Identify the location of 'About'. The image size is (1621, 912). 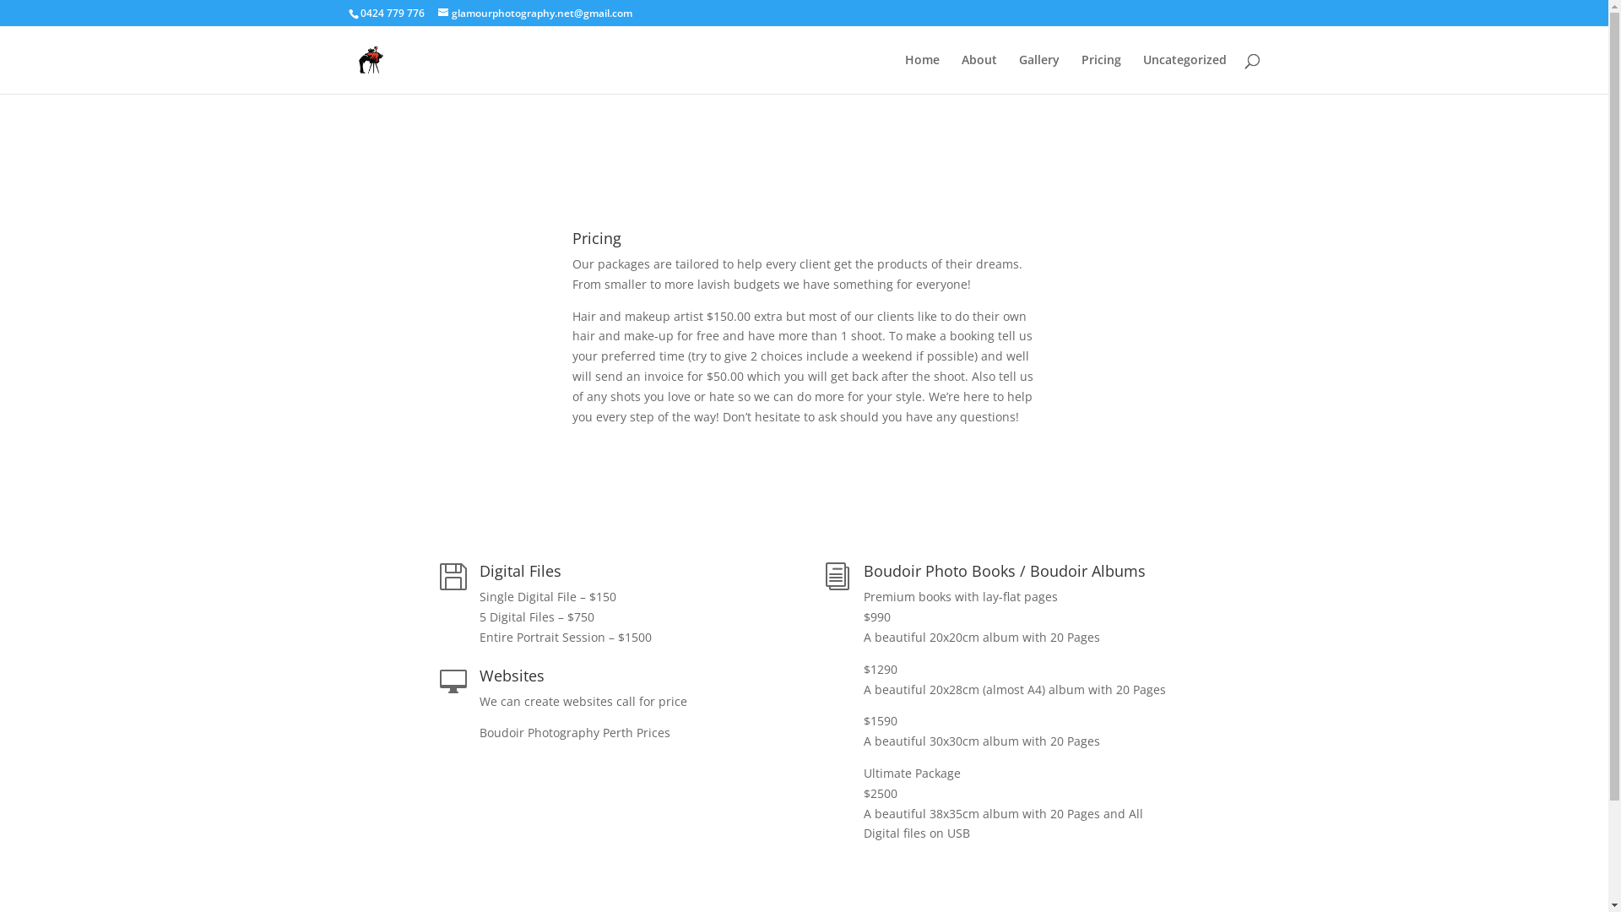
(960, 73).